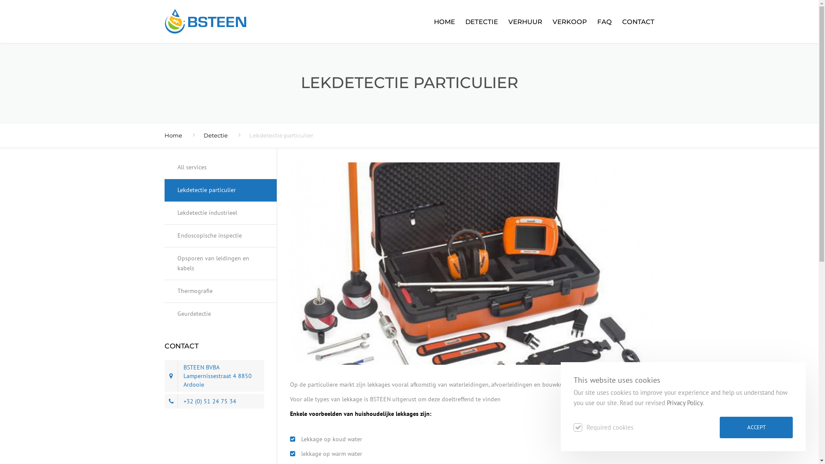 Image resolution: width=825 pixels, height=464 pixels. I want to click on 'DETECTIE', so click(460, 21).